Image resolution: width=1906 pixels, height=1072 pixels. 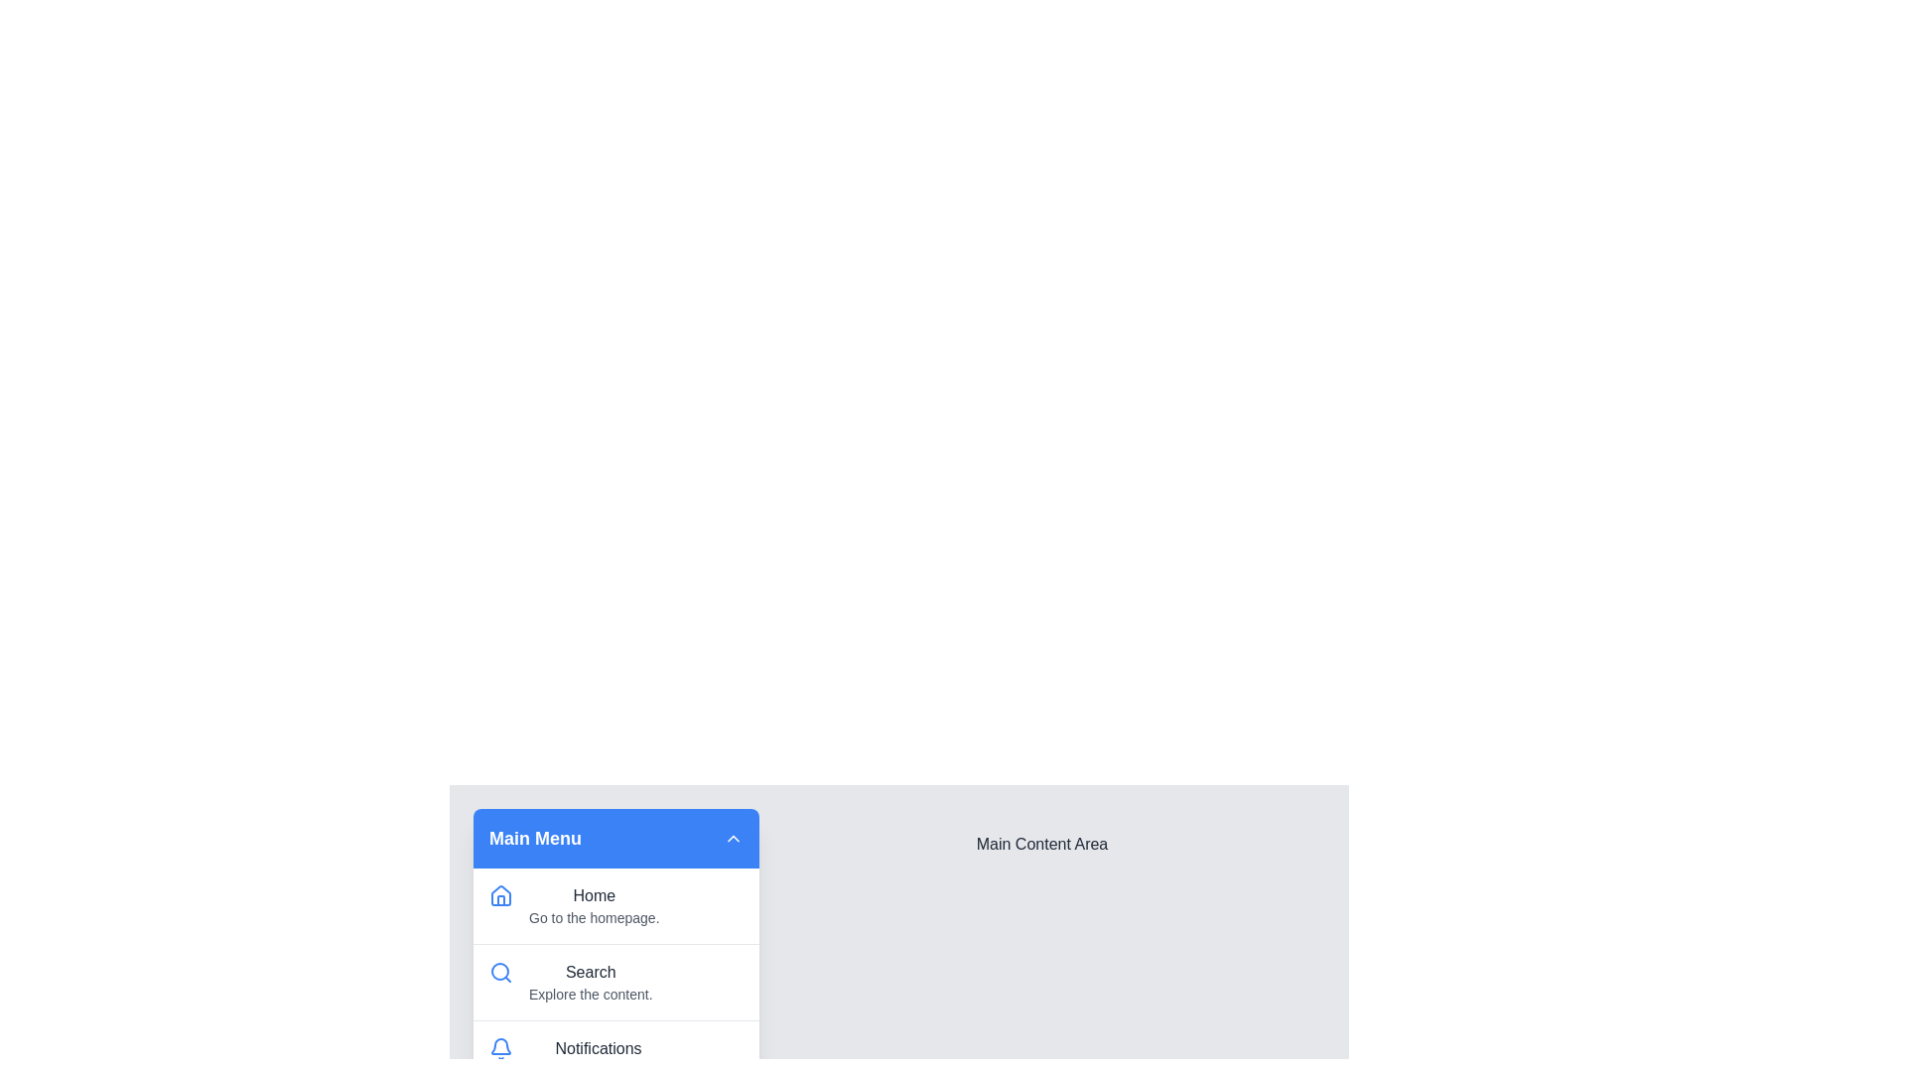 I want to click on the menu item Search to navigate or view details, so click(x=614, y=981).